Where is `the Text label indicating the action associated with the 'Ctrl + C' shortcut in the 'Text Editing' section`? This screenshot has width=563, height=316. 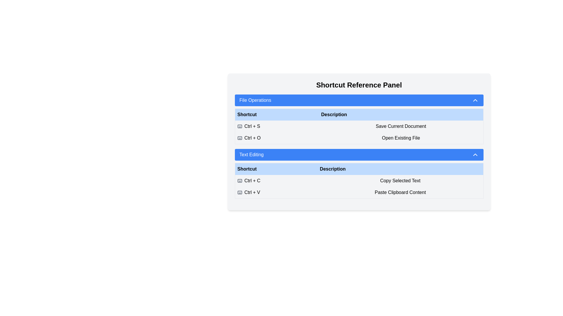 the Text label indicating the action associated with the 'Ctrl + C' shortcut in the 'Text Editing' section is located at coordinates (400, 180).